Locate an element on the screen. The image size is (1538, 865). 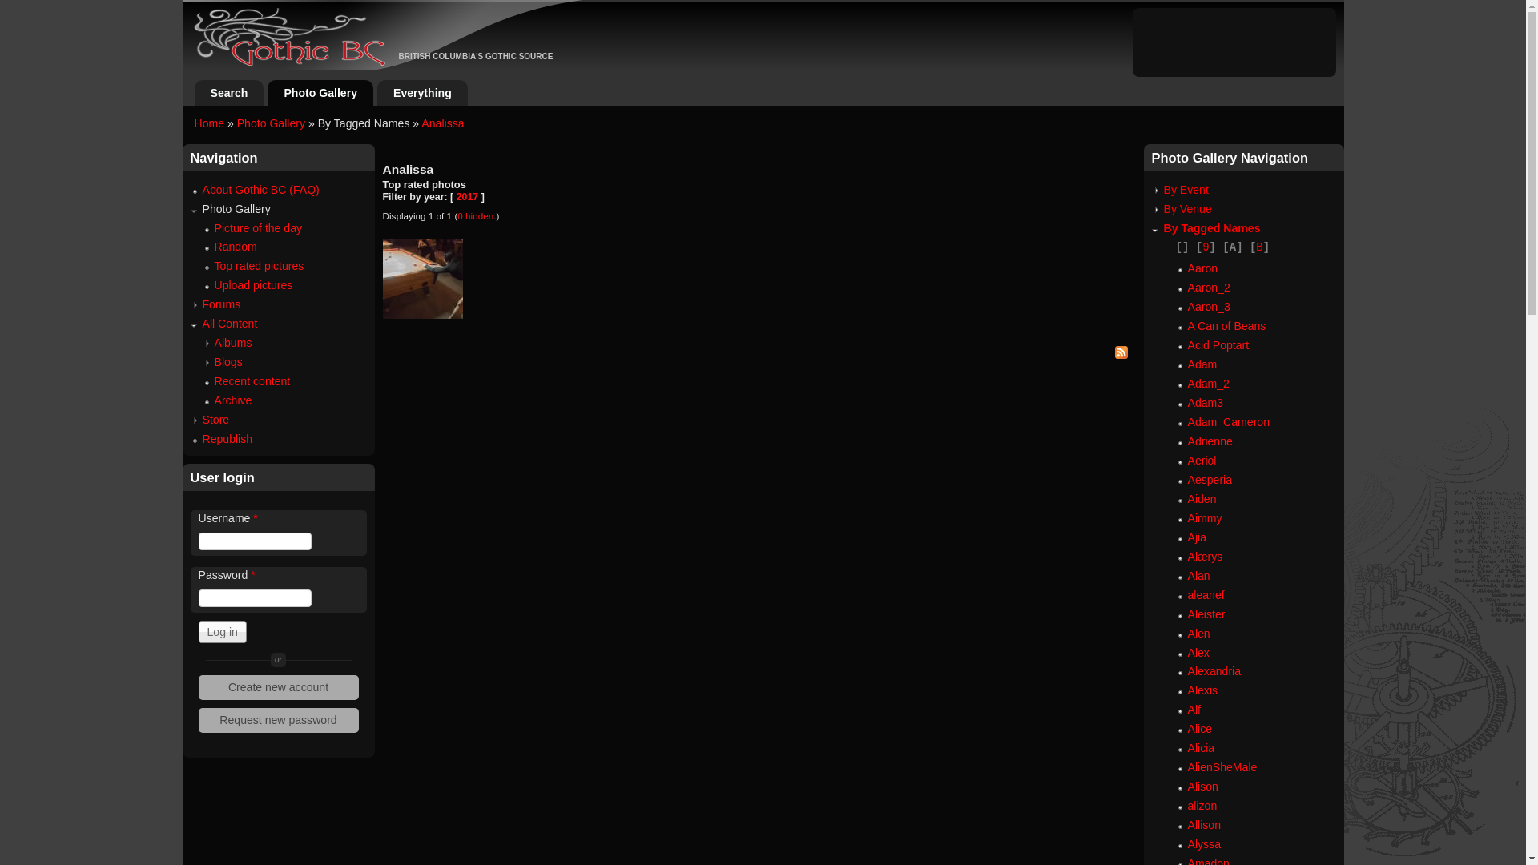
'Blogs' is located at coordinates (227, 361).